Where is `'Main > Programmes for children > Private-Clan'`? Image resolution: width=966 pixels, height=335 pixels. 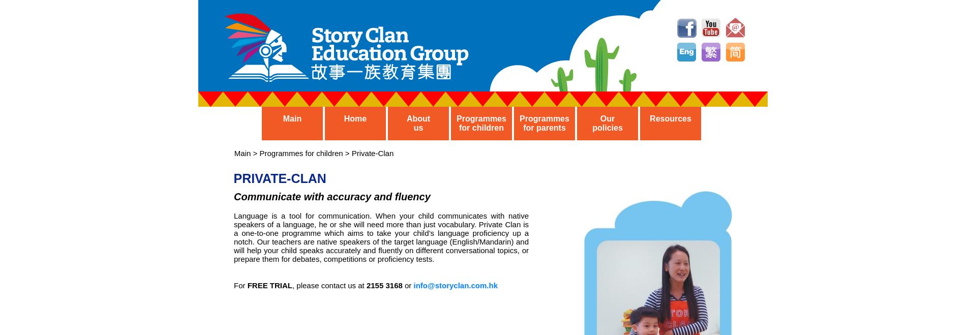
'Main > Programmes for children > Private-Clan' is located at coordinates (295, 152).